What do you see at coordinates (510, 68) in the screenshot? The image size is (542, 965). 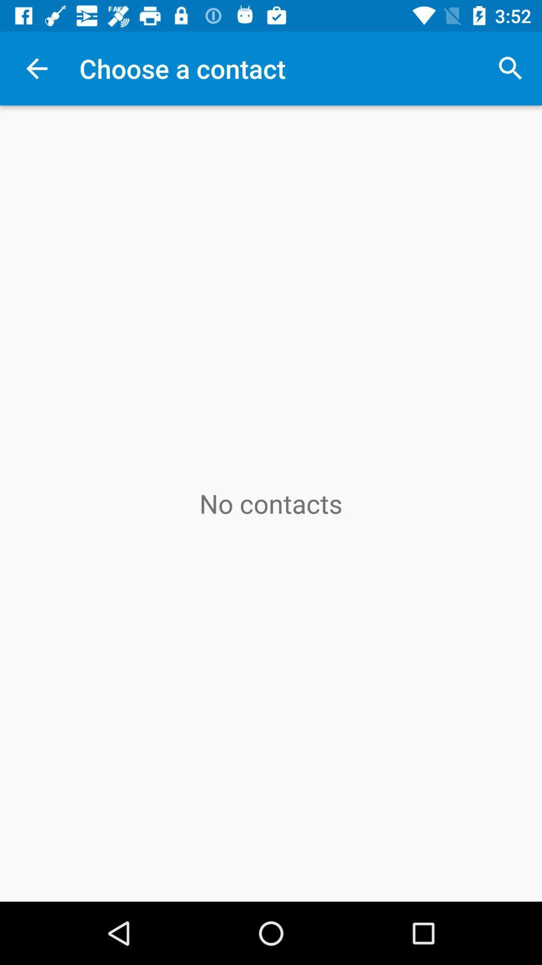 I see `icon to the right of the choose a contact app` at bounding box center [510, 68].